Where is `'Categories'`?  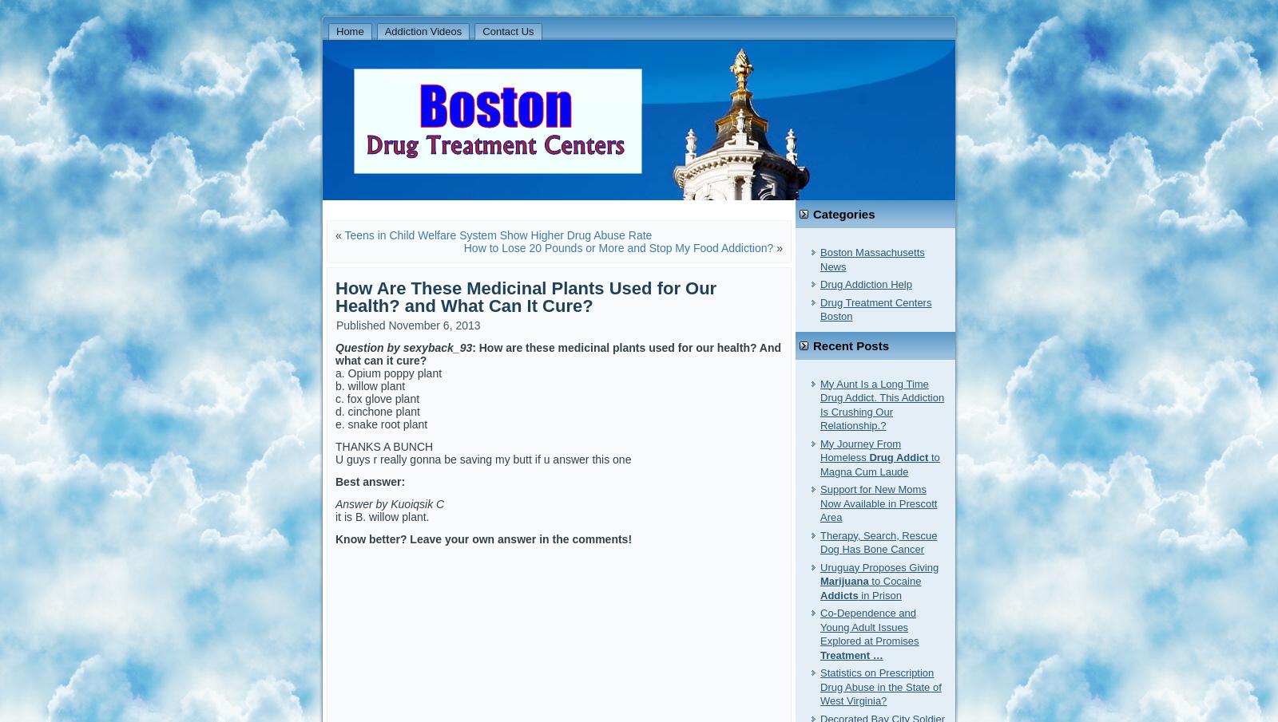 'Categories' is located at coordinates (843, 214).